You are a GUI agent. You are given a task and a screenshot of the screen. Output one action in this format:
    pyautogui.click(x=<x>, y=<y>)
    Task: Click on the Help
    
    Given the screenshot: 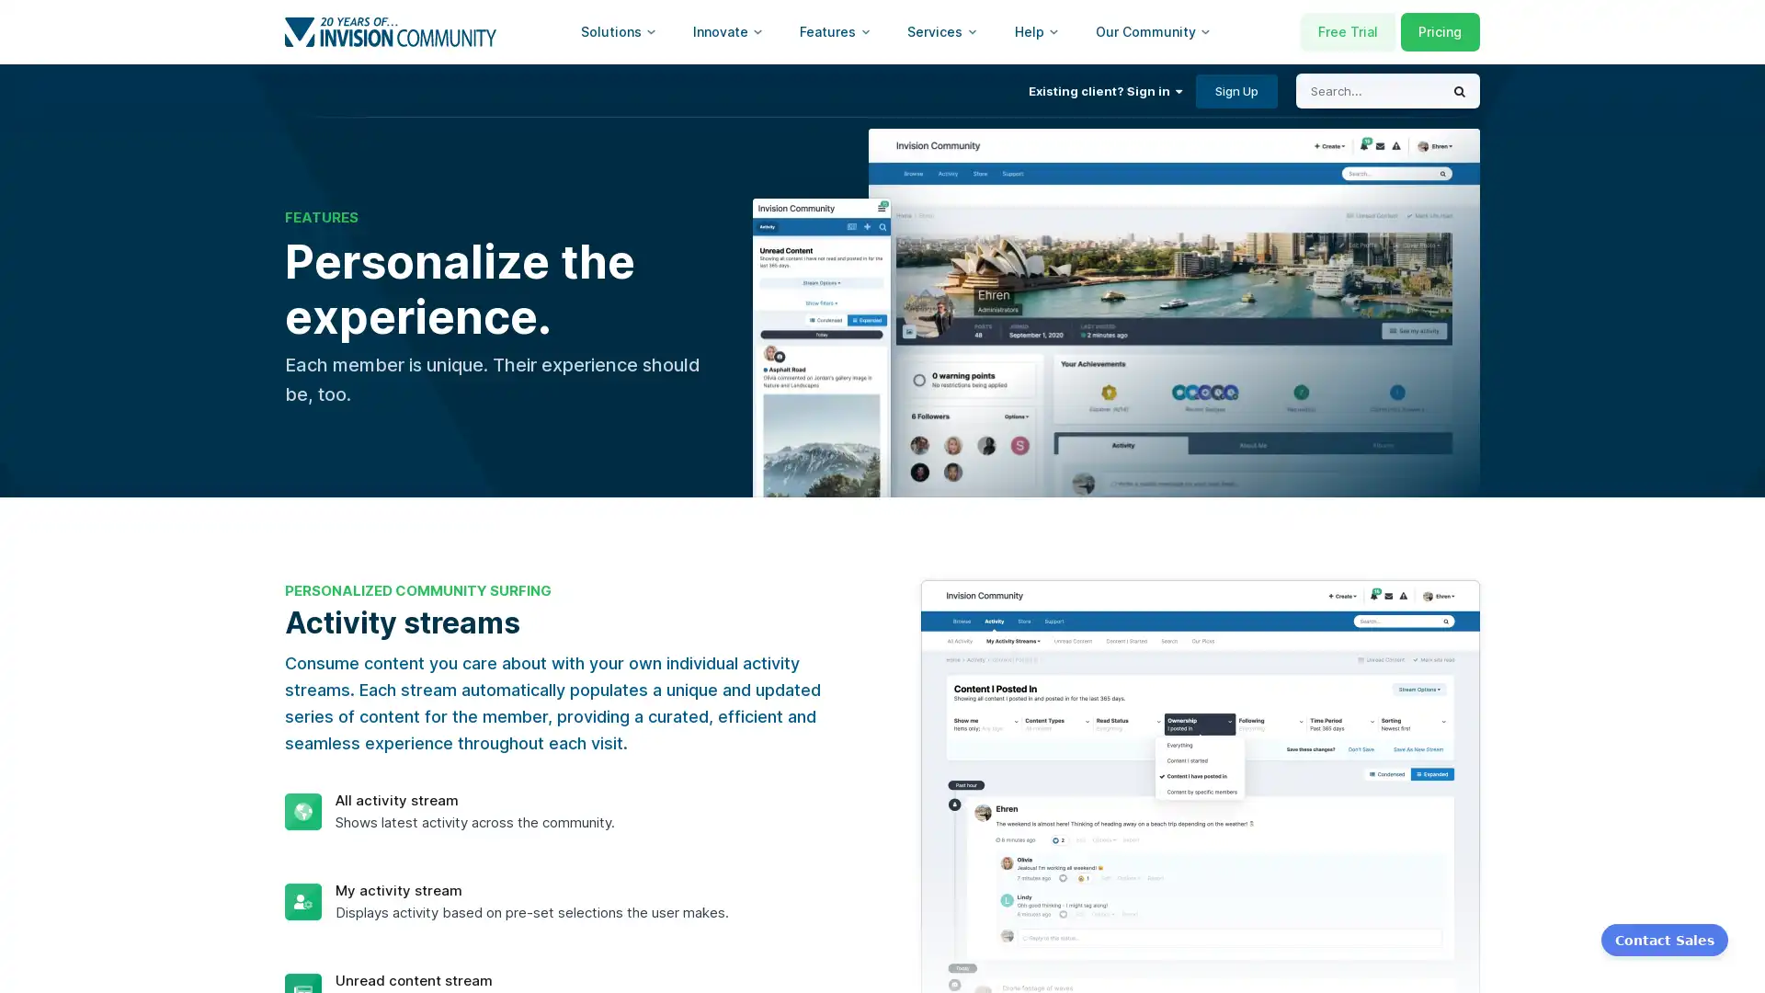 What is the action you would take?
    pyautogui.click(x=1037, y=31)
    